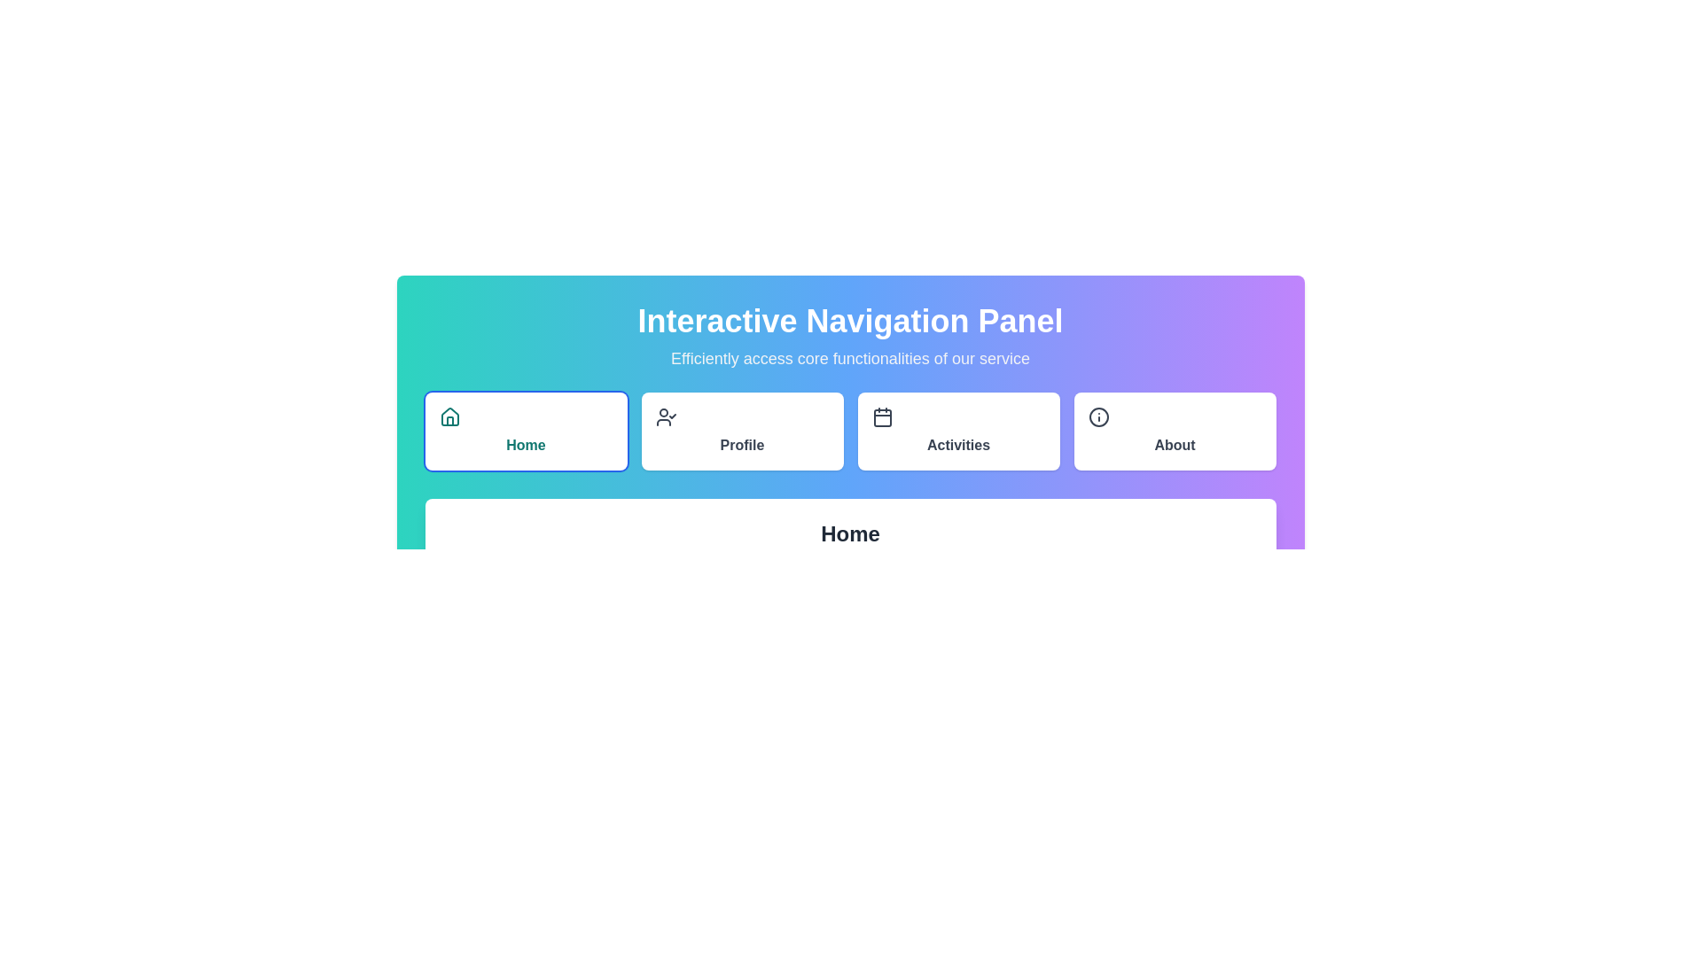  I want to click on the information icon located in the 'About' section of the navigation panel, so click(1097, 416).